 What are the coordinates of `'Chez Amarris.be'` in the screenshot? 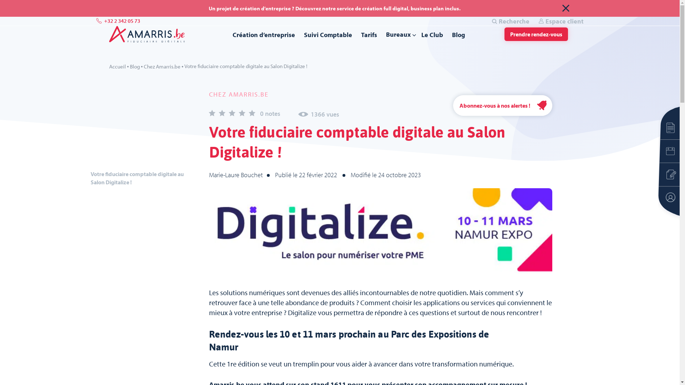 It's located at (161, 66).